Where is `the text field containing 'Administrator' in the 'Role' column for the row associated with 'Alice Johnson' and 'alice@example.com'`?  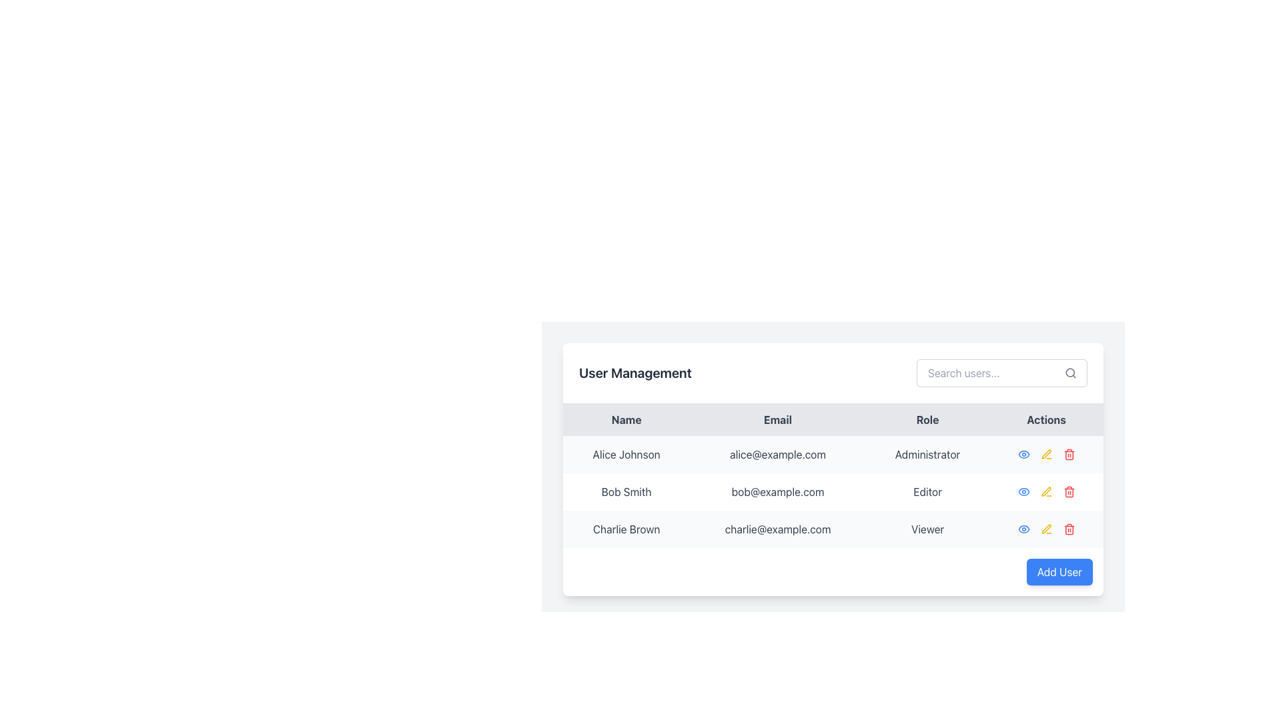 the text field containing 'Administrator' in the 'Role' column for the row associated with 'Alice Johnson' and 'alice@example.com' is located at coordinates (927, 454).